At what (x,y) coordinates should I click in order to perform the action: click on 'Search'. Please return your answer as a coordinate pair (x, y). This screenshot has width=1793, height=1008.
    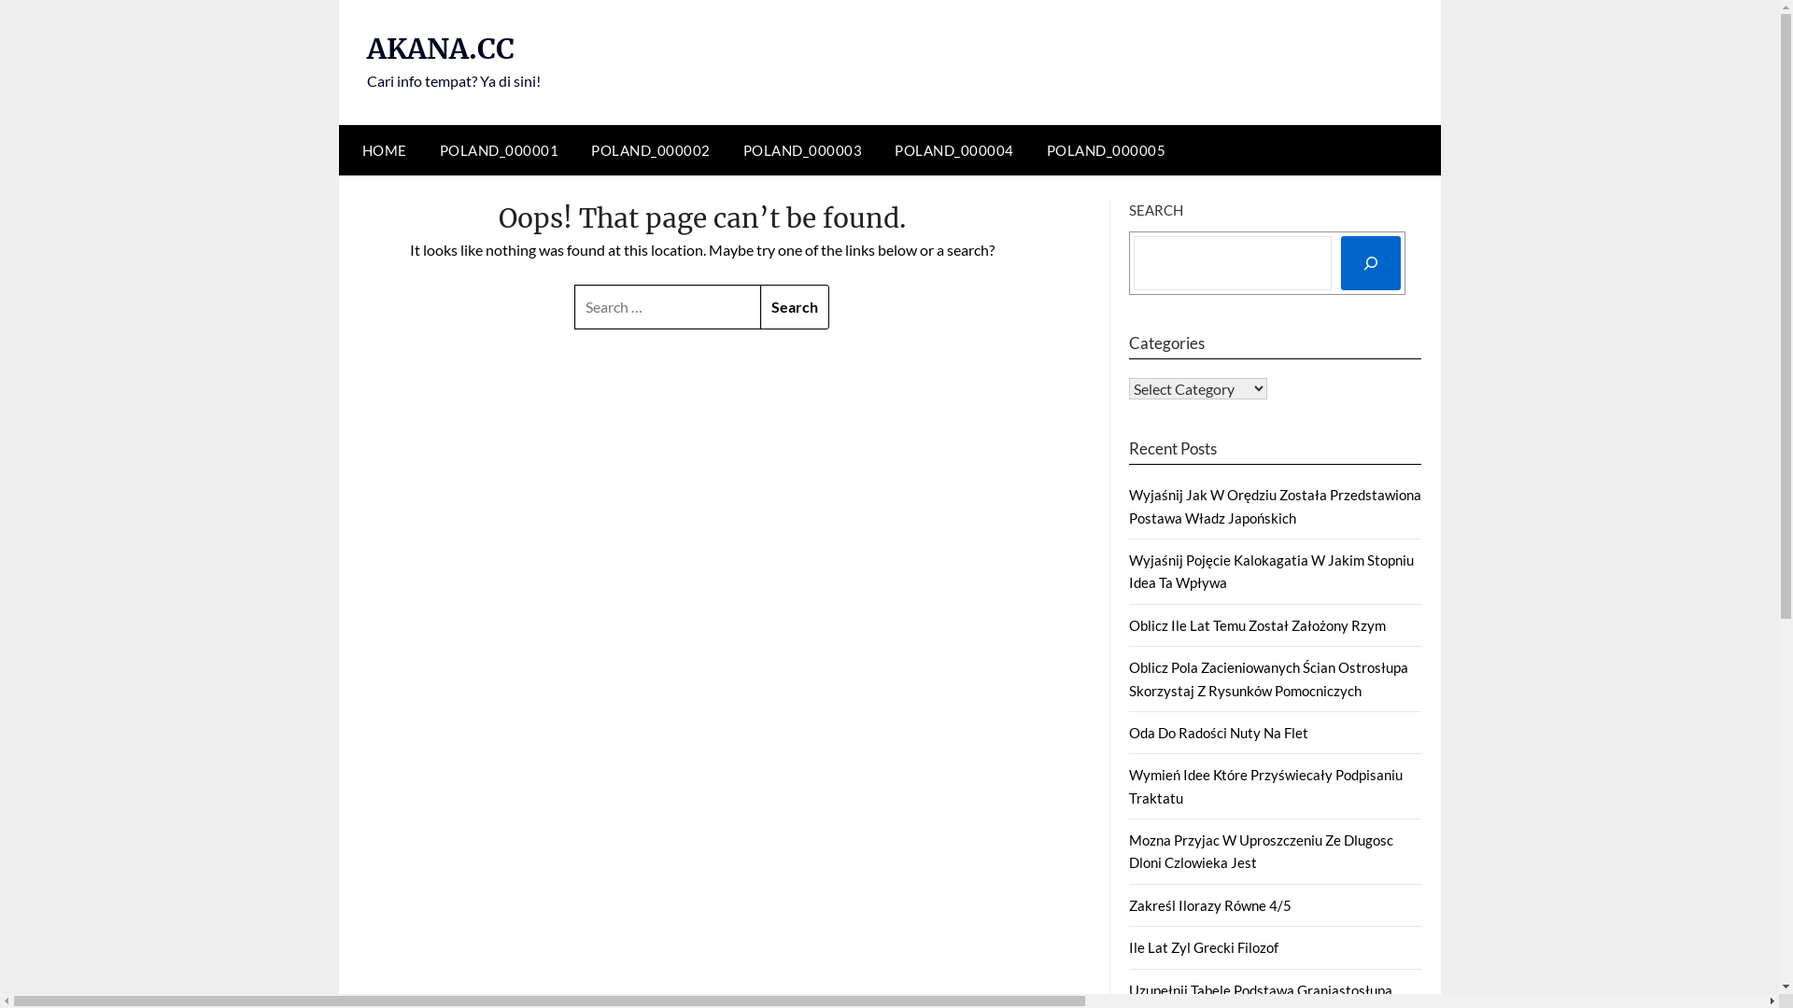
    Looking at the image, I should click on (760, 305).